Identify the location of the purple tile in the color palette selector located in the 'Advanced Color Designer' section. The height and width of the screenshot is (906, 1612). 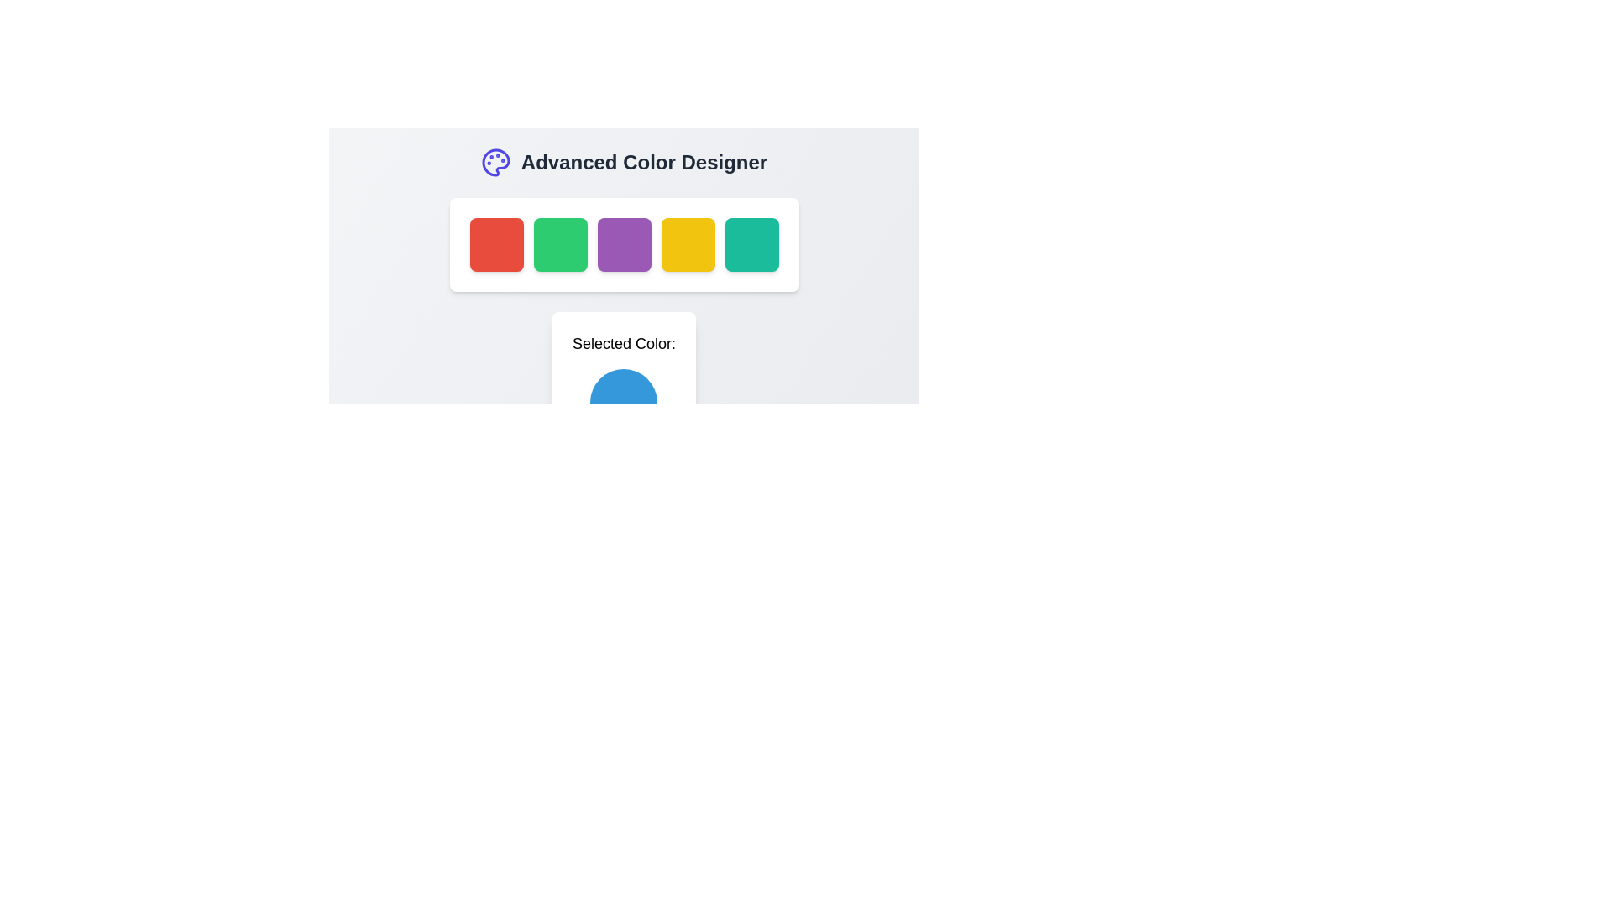
(623, 255).